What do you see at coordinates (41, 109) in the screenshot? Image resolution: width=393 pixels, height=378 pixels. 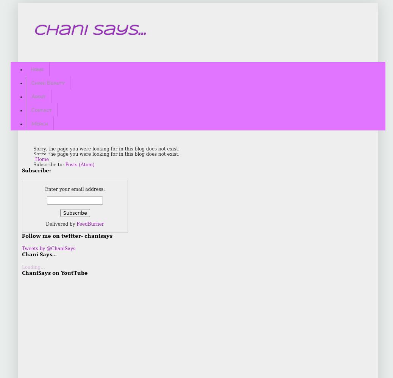 I see `'Contact'` at bounding box center [41, 109].